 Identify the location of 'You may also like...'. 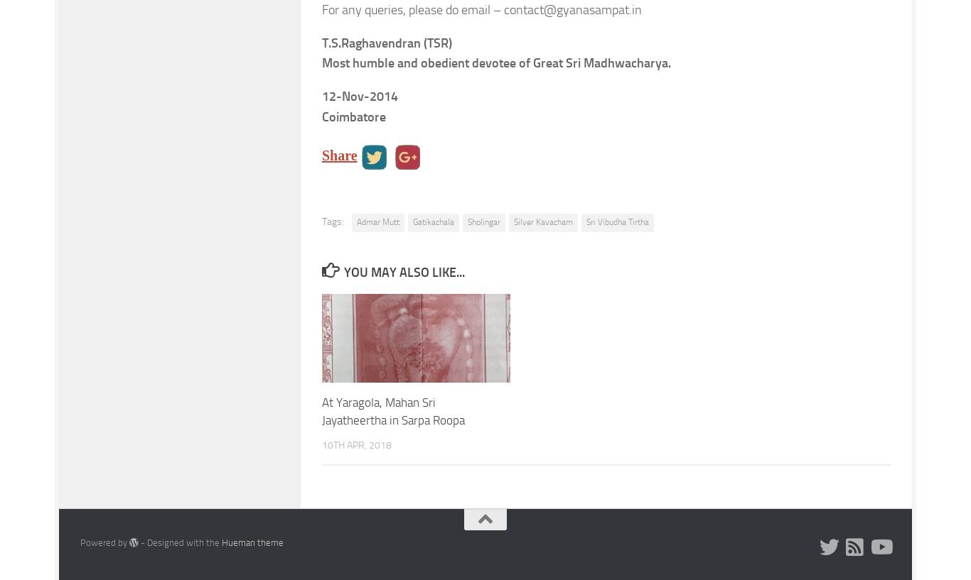
(403, 271).